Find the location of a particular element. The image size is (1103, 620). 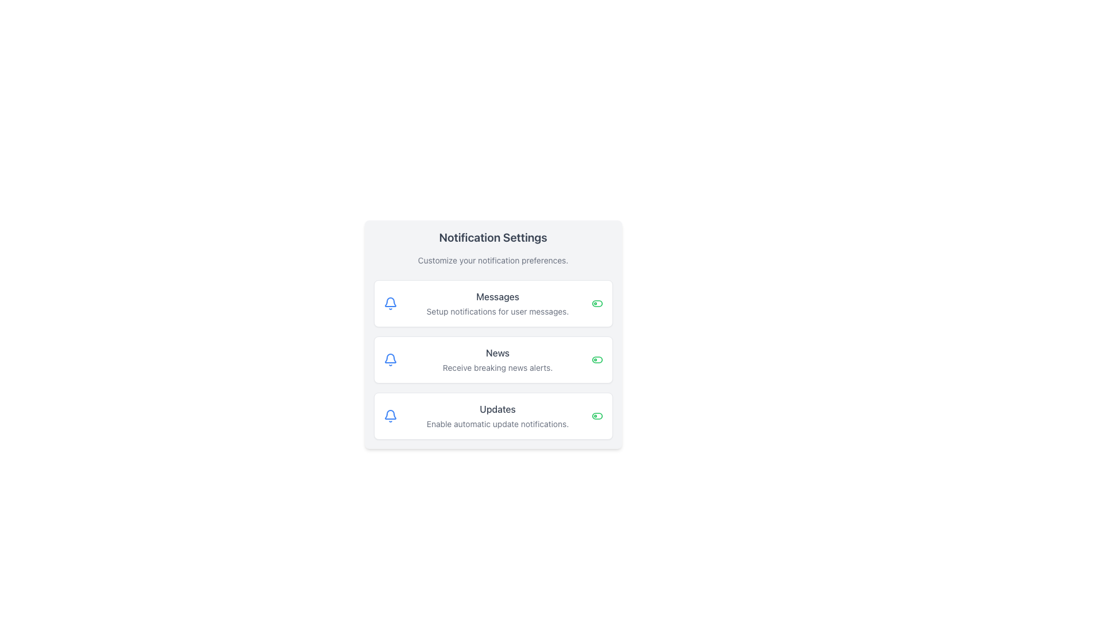

the text label 'Updates' in the Notification Settings panel, which is styled in medium gray and located above the text 'Enable automatic update notifications' is located at coordinates (497, 409).